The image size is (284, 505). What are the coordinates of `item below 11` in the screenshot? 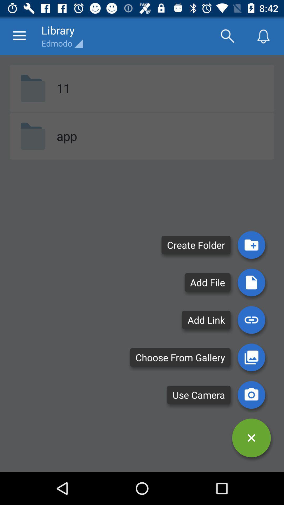 It's located at (67, 136).